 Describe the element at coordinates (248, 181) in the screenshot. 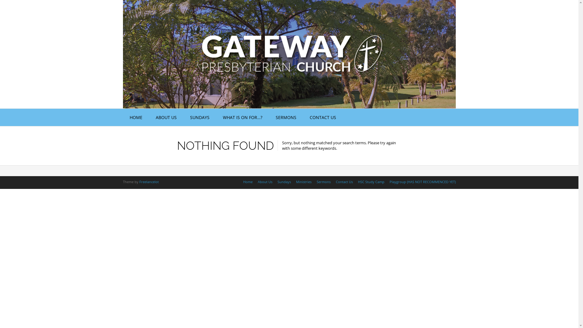

I see `'Home'` at that location.